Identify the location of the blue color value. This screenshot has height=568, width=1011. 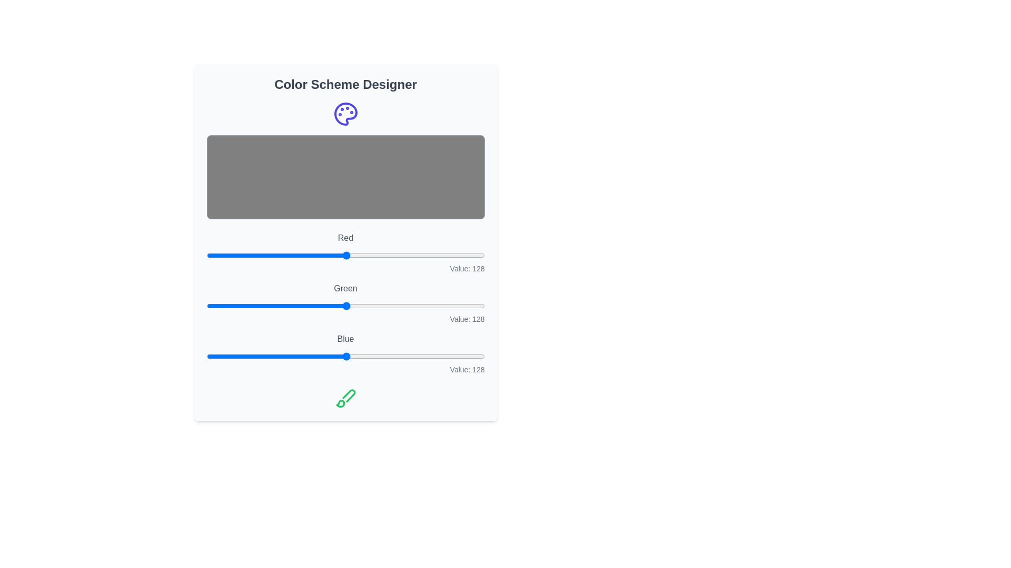
(454, 356).